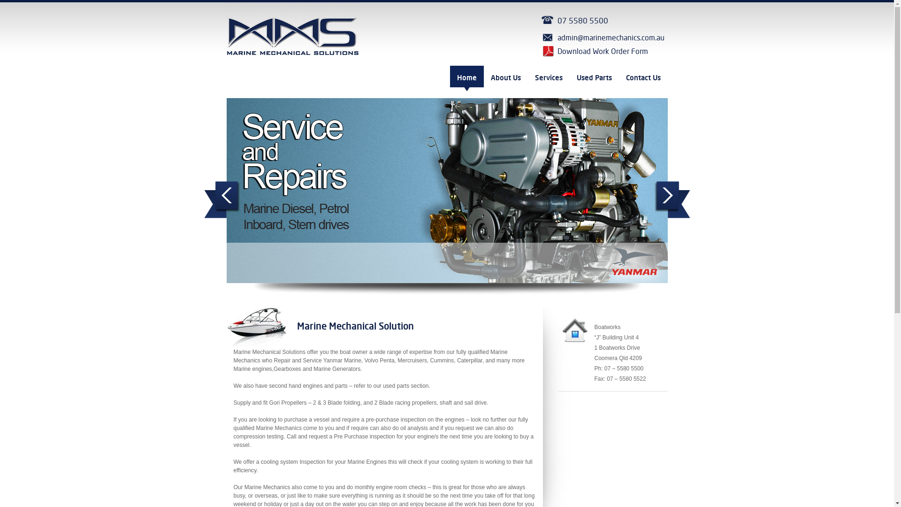 This screenshot has width=901, height=507. What do you see at coordinates (221, 199) in the screenshot?
I see `'Prev'` at bounding box center [221, 199].